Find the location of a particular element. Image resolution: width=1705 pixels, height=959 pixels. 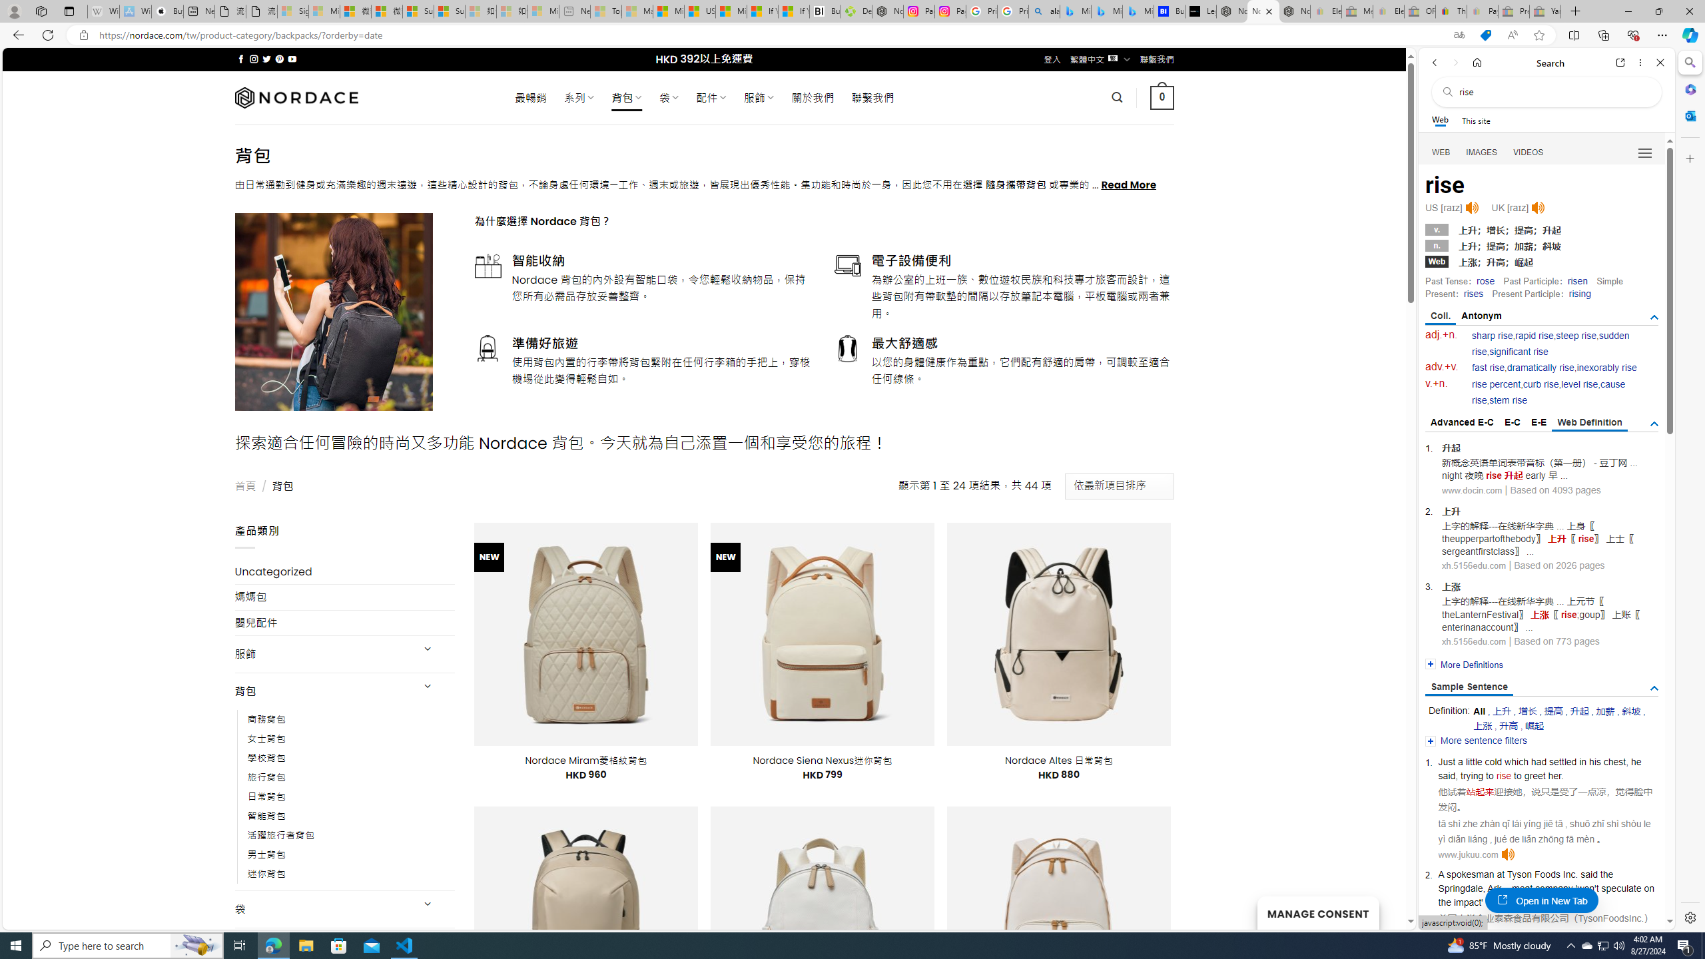

'Web Definition' is located at coordinates (1589, 423).